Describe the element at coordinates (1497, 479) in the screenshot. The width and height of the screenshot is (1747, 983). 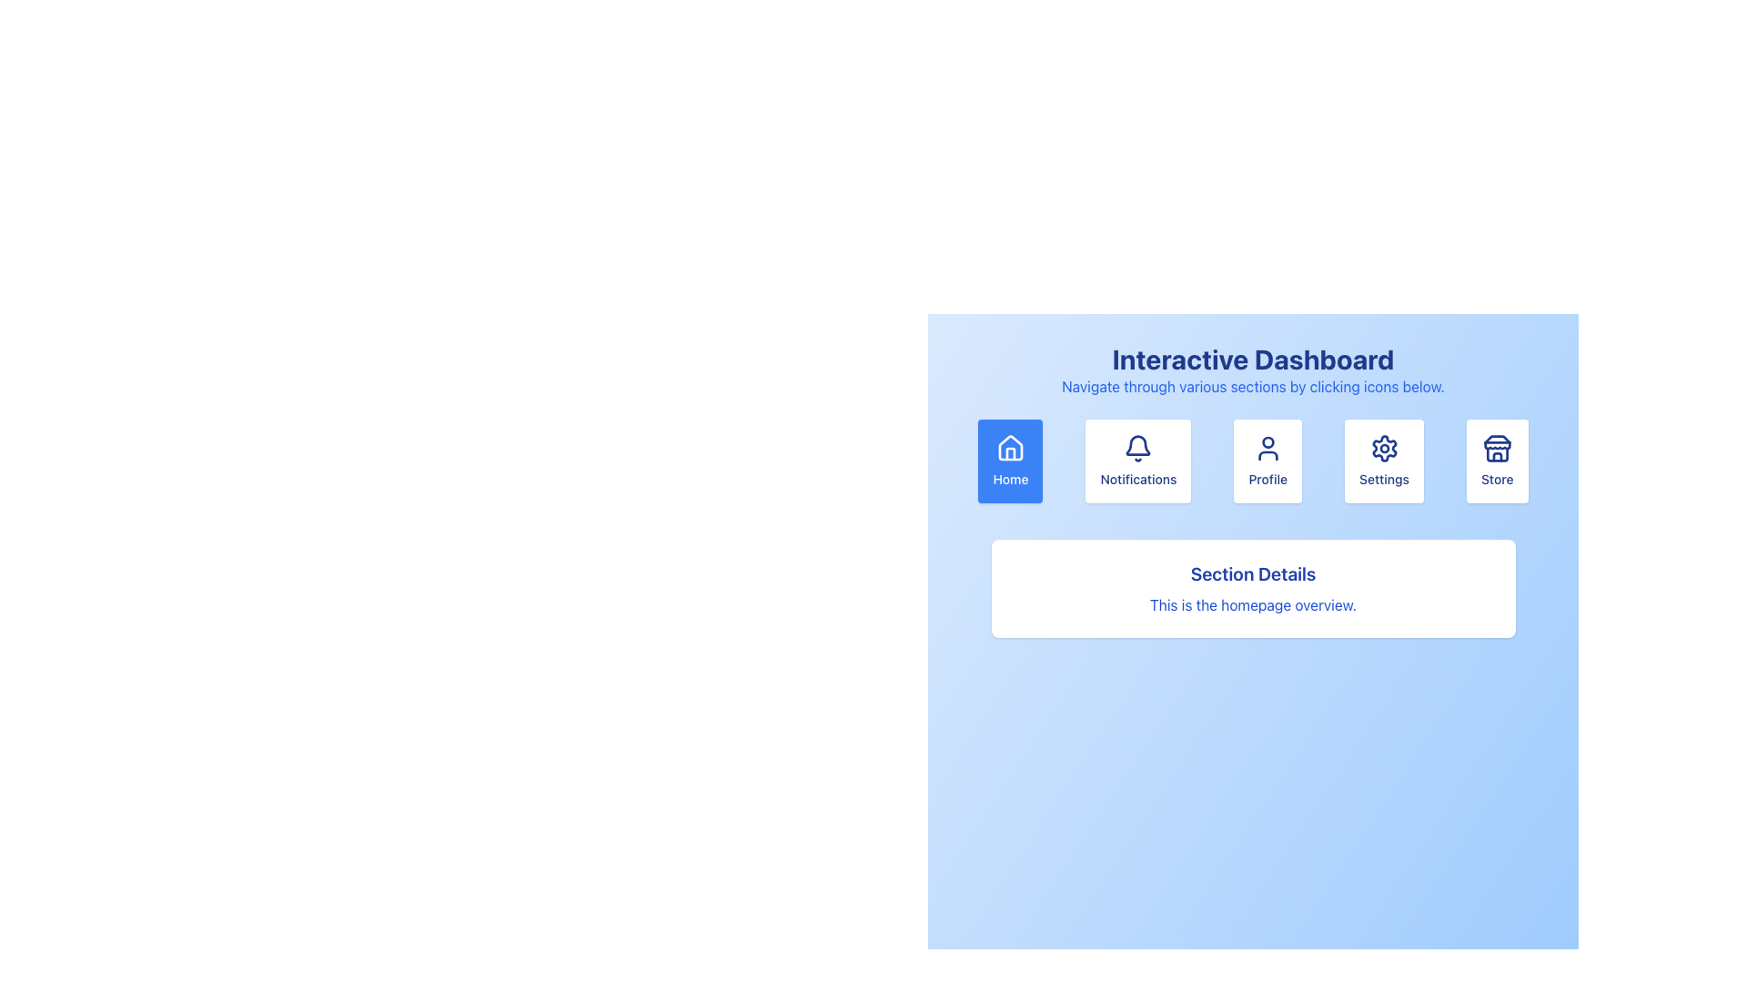
I see `the static text label that displays the word 'Store', which is positioned below the storefront icon in the navigation options` at that location.